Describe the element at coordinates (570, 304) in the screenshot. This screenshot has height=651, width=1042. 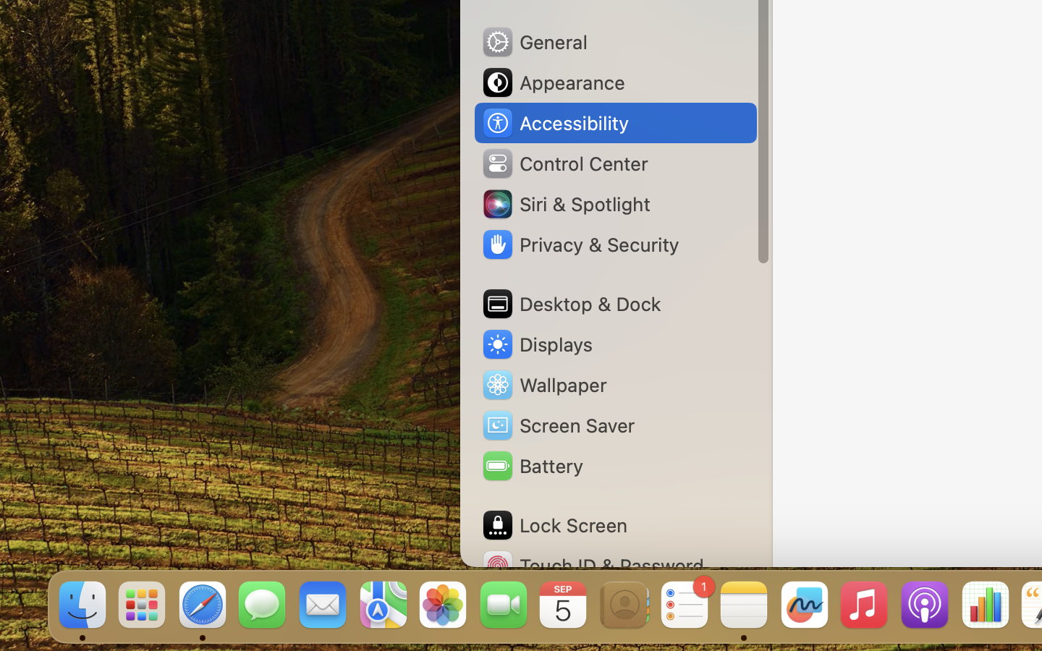
I see `'Desktop & Dock'` at that location.